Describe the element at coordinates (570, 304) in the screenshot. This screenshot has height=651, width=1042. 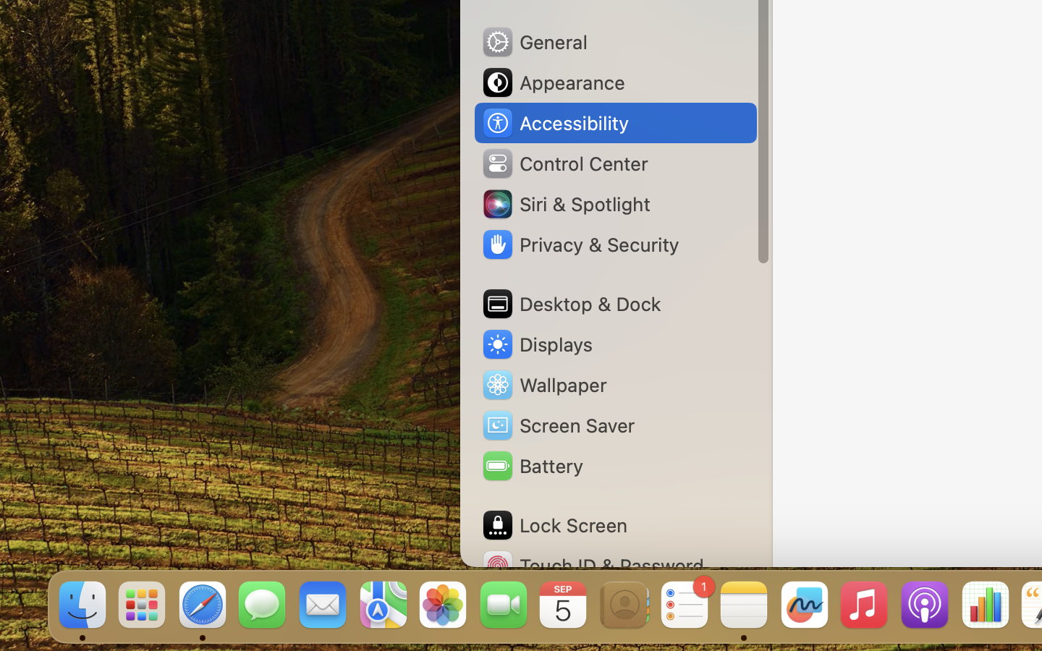
I see `'Desktop & Dock'` at that location.